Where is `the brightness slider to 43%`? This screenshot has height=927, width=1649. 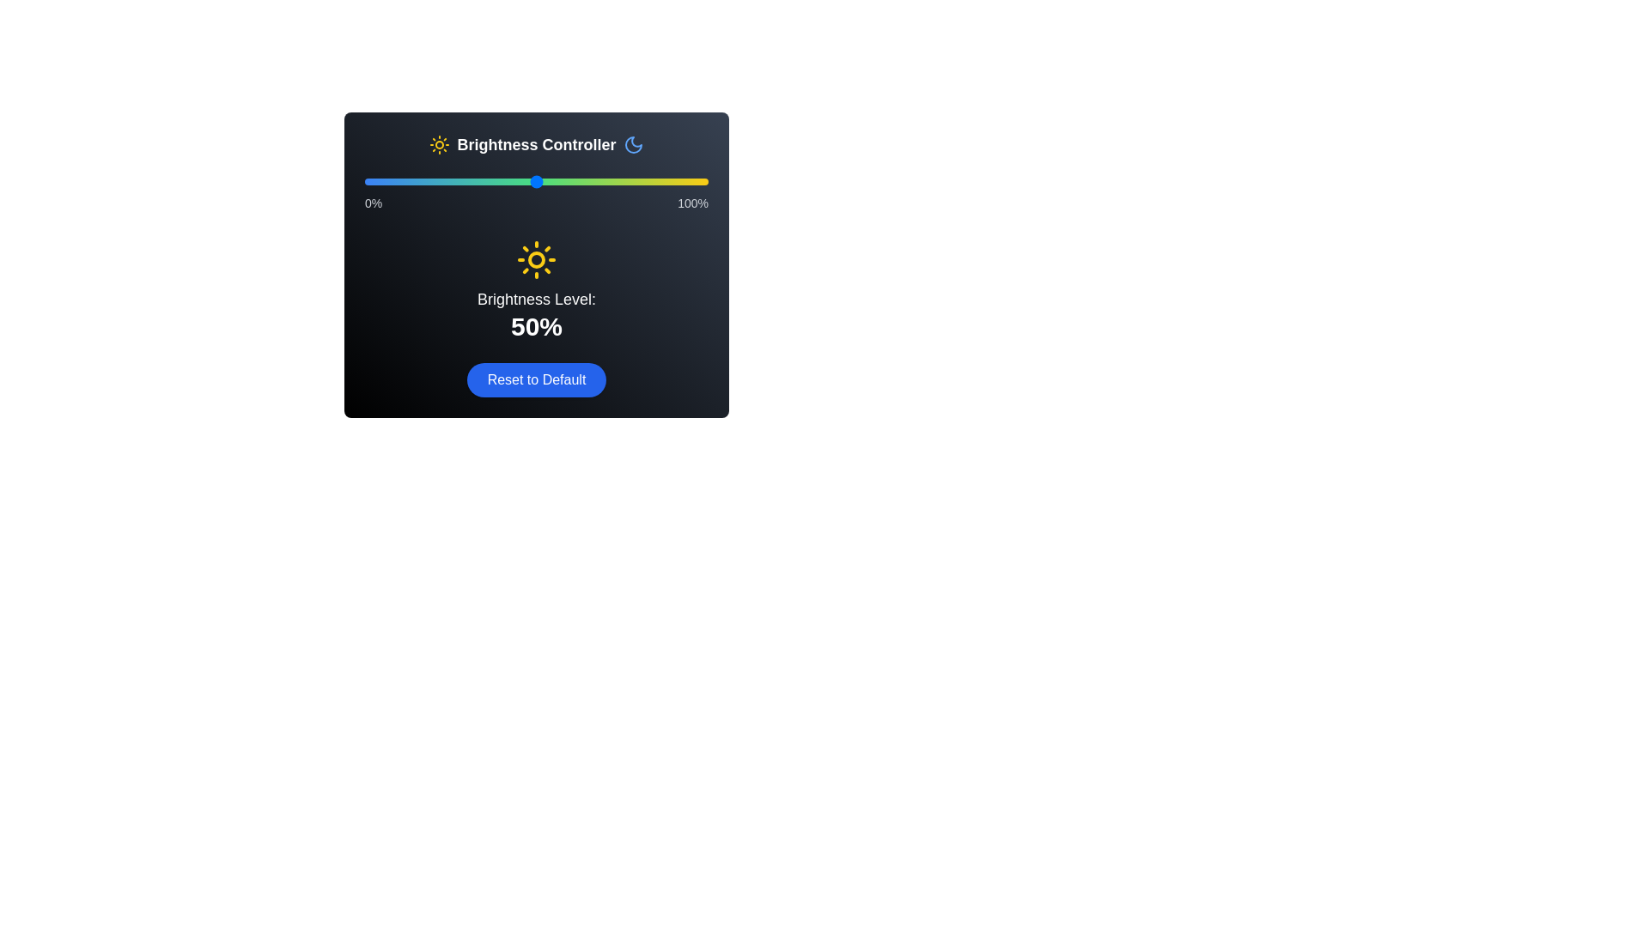 the brightness slider to 43% is located at coordinates (511, 182).